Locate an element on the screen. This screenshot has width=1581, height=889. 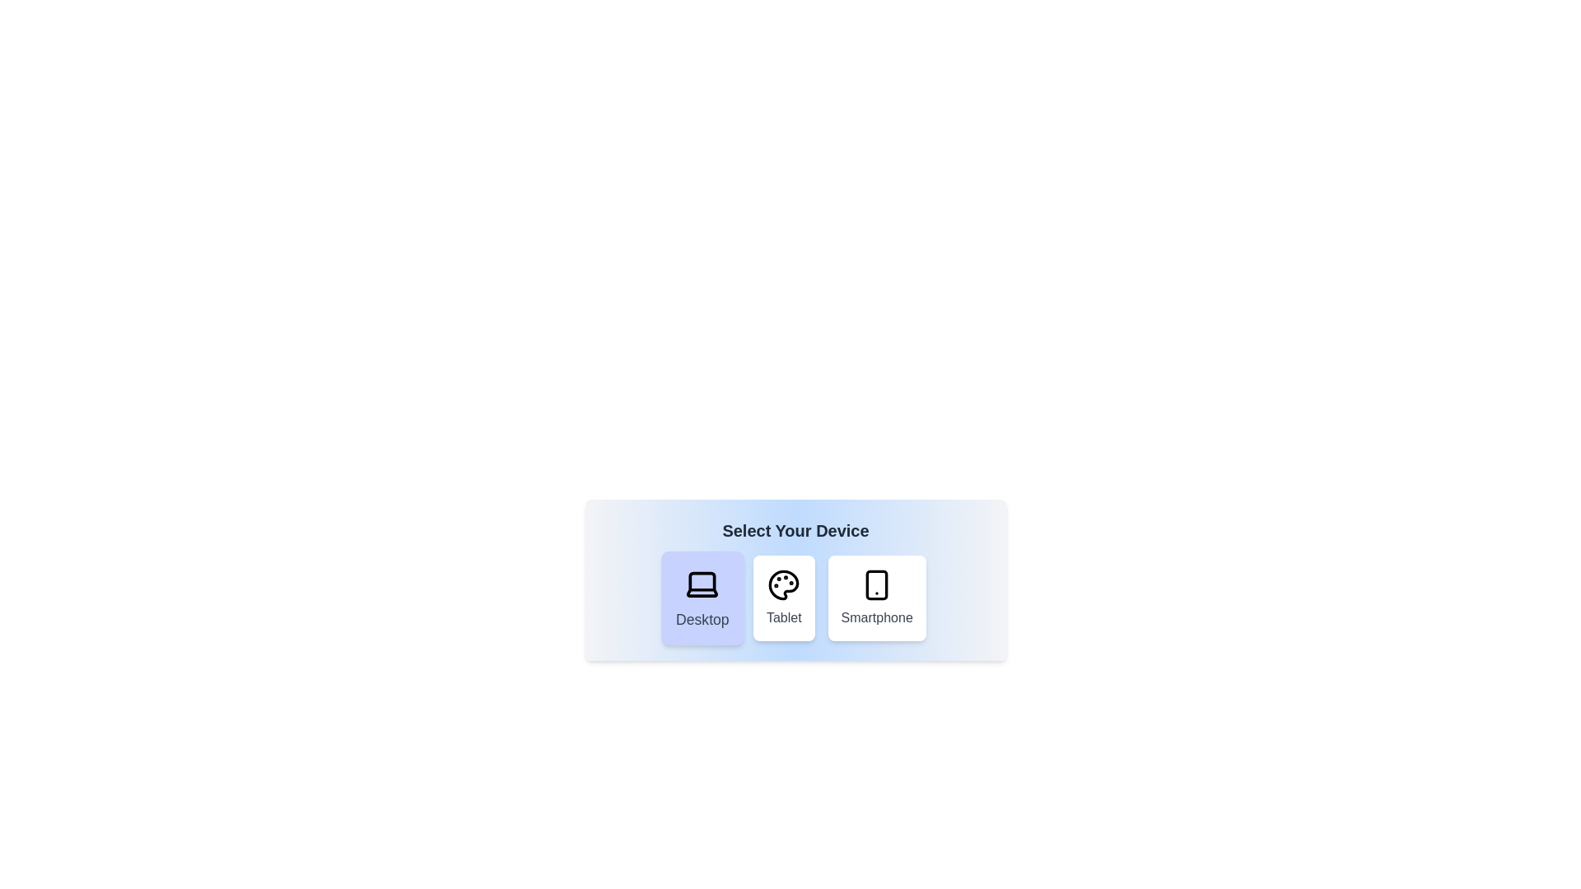
the button is located at coordinates (782, 598).